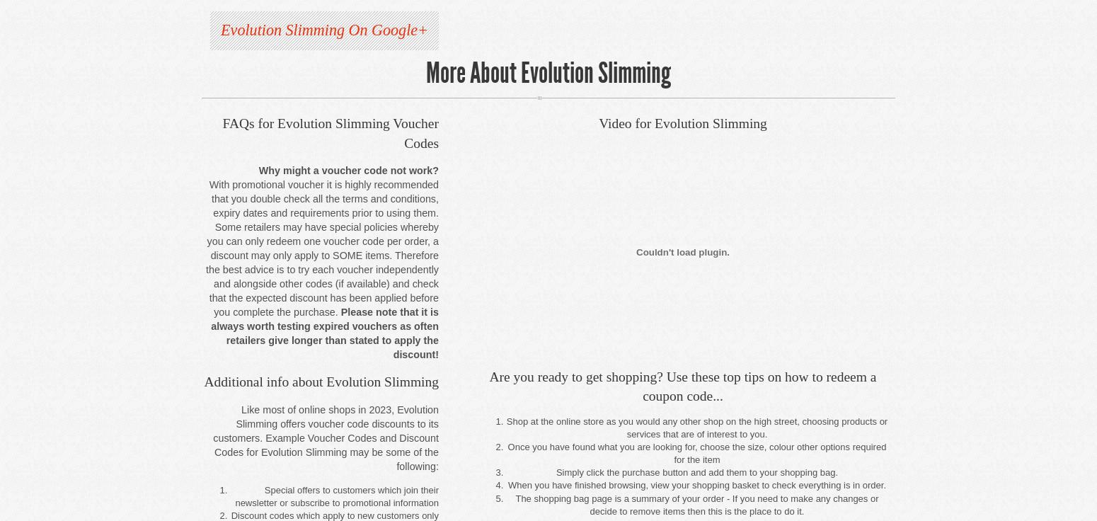  I want to click on 'When you have finished browsing, view your shopping basket to check everything is in order.', so click(507, 484).